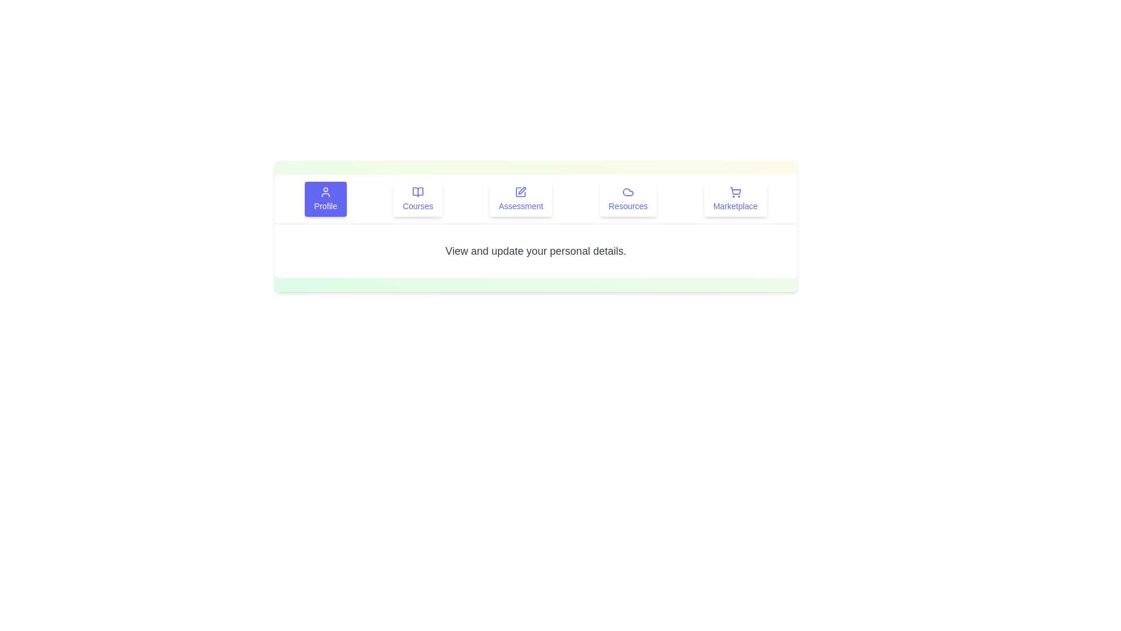  I want to click on the editing or assessment icon located centrally at the top section of the 'Assessment' button, which is the third button in a horizontal row between 'Courses' and 'Resources', so click(520, 191).